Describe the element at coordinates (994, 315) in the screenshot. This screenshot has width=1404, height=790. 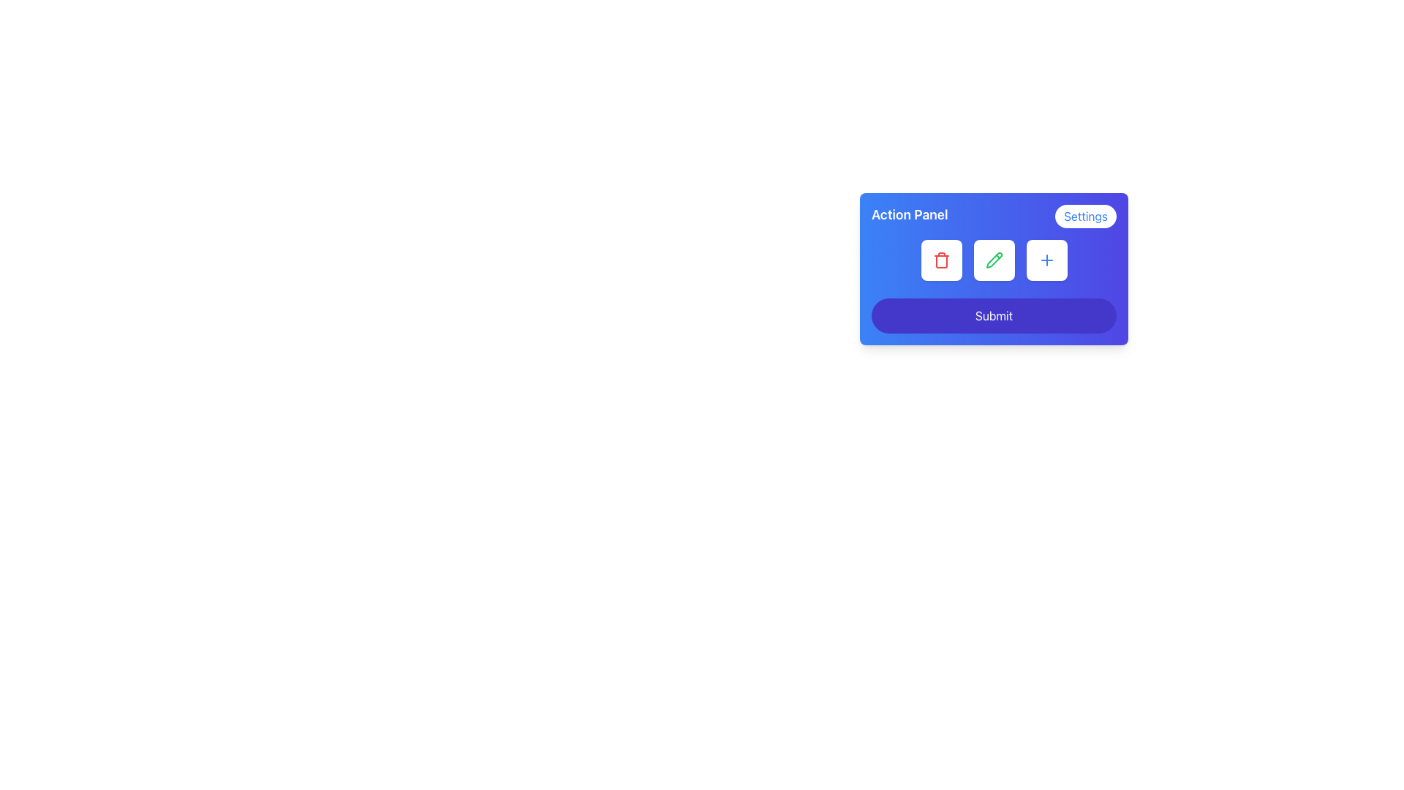
I see `the 'Submit' button located at the bottom of the 'Action Panel'` at that location.